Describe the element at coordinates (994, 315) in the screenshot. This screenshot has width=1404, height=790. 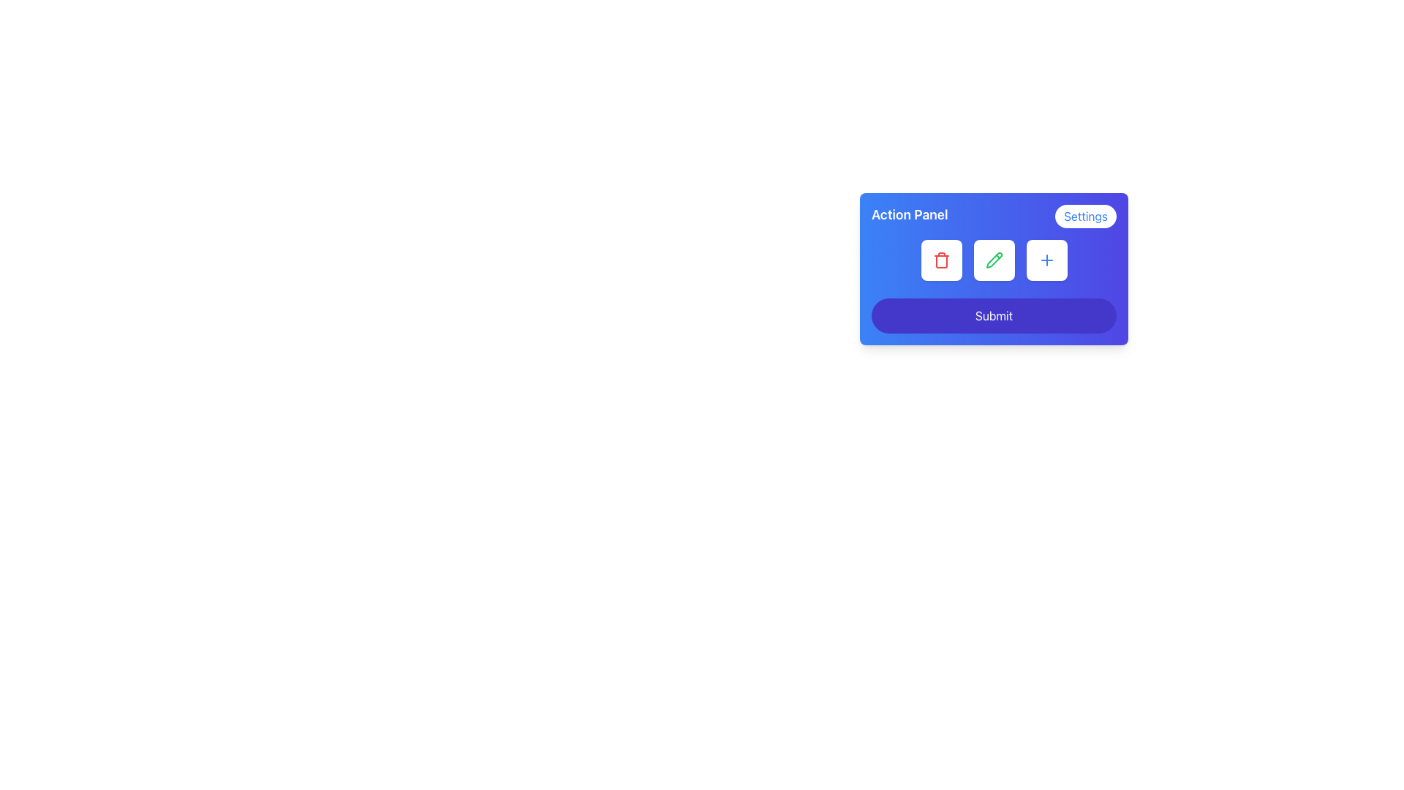
I see `the 'Submit' button located at the bottom of the 'Action Panel'` at that location.